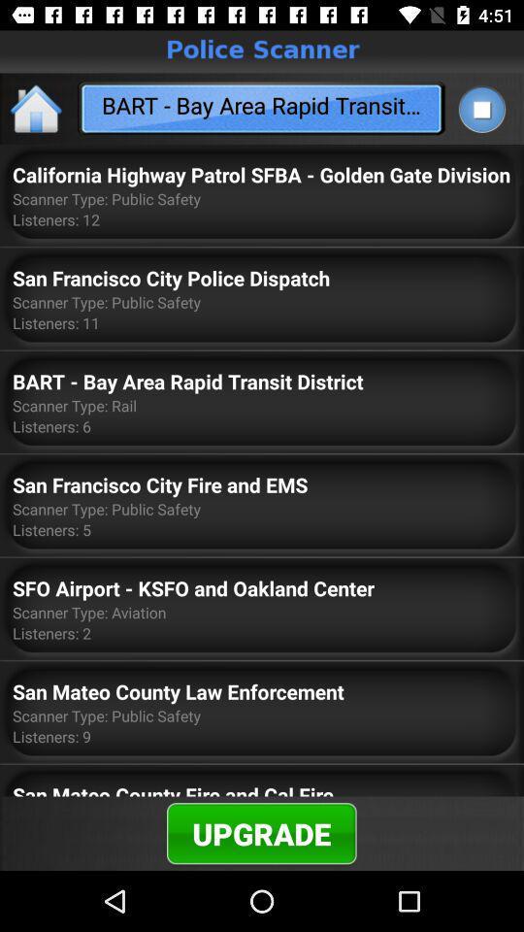 The height and width of the screenshot is (932, 524). I want to click on app to the left of bart bay area item, so click(37, 108).